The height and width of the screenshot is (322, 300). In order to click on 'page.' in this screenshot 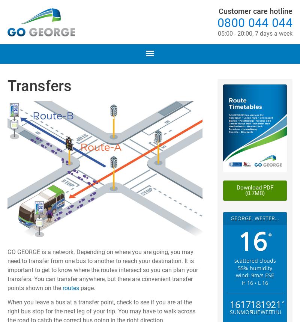, I will do `click(79, 287)`.